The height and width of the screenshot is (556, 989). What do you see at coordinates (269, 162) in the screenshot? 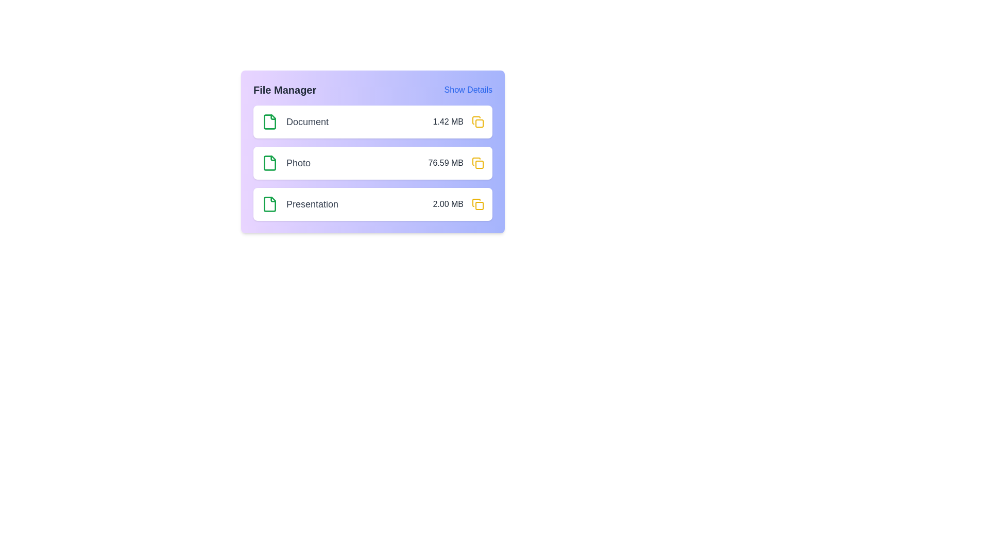
I see `the graphical icon representing the 'Photo' file entry in the 'File Manager' section, which has a green outline and a folded corner` at bounding box center [269, 162].